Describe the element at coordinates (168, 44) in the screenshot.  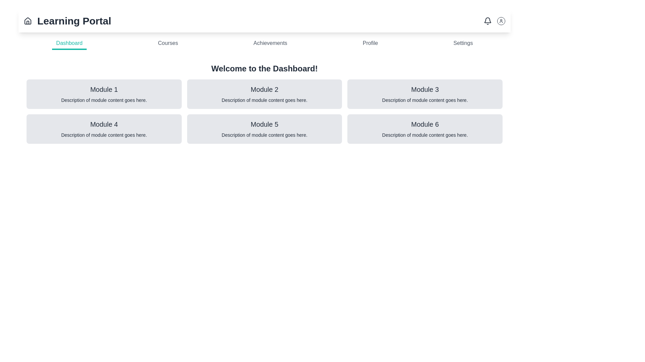
I see `the 'Courses' button in the horizontal navigation bar` at that location.